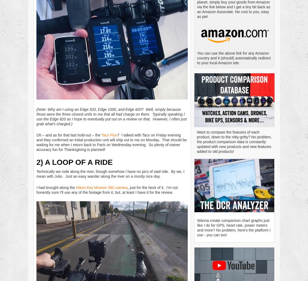 The height and width of the screenshot is (281, 308). Describe the element at coordinates (69, 135) in the screenshot. I see `'Oh – and as for that last hold-out – the'` at that location.